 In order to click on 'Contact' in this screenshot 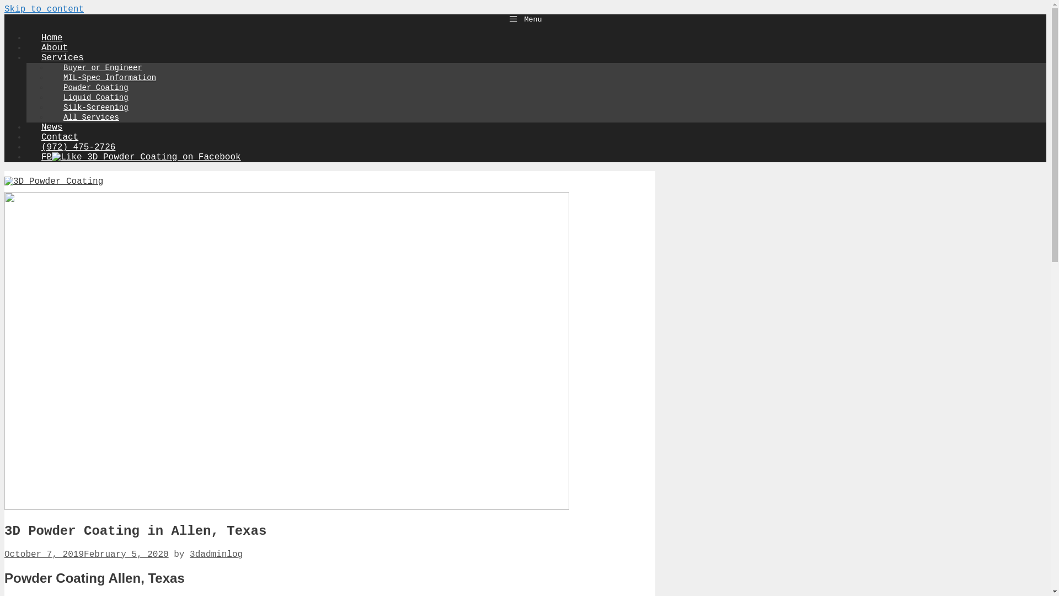, I will do `click(59, 137)`.